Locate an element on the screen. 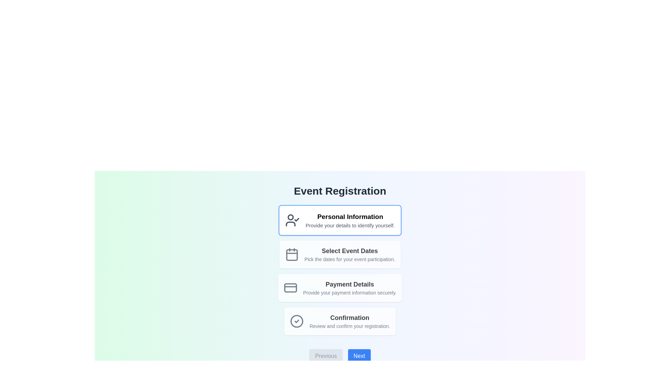 The width and height of the screenshot is (669, 376). the 'Payment Details' heading text label, which indicates the section for entering payment details in the registration flow is located at coordinates (349, 284).